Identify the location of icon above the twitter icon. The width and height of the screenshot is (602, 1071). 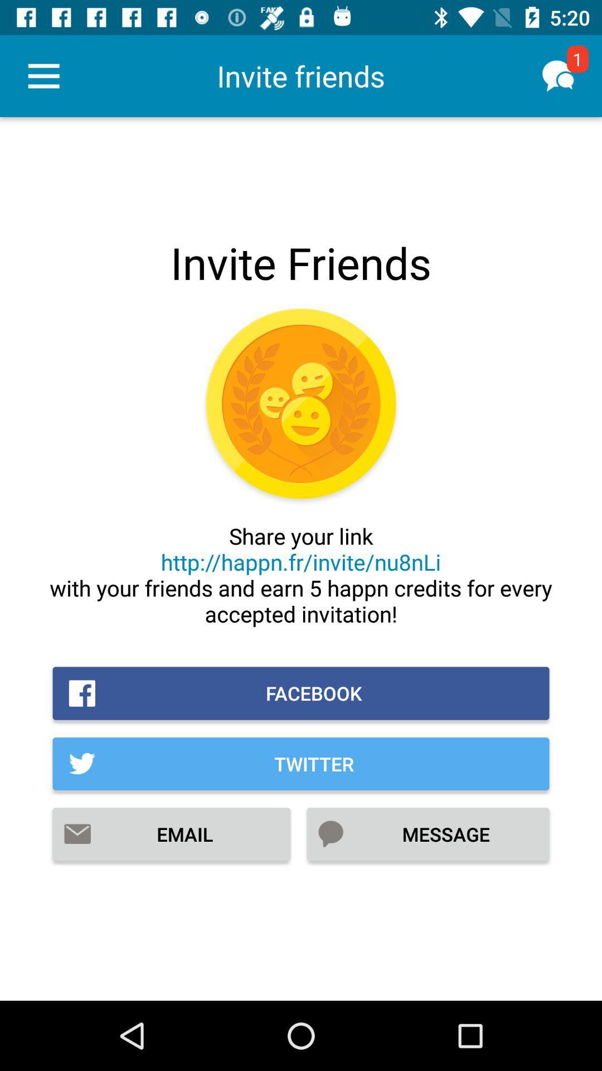
(301, 693).